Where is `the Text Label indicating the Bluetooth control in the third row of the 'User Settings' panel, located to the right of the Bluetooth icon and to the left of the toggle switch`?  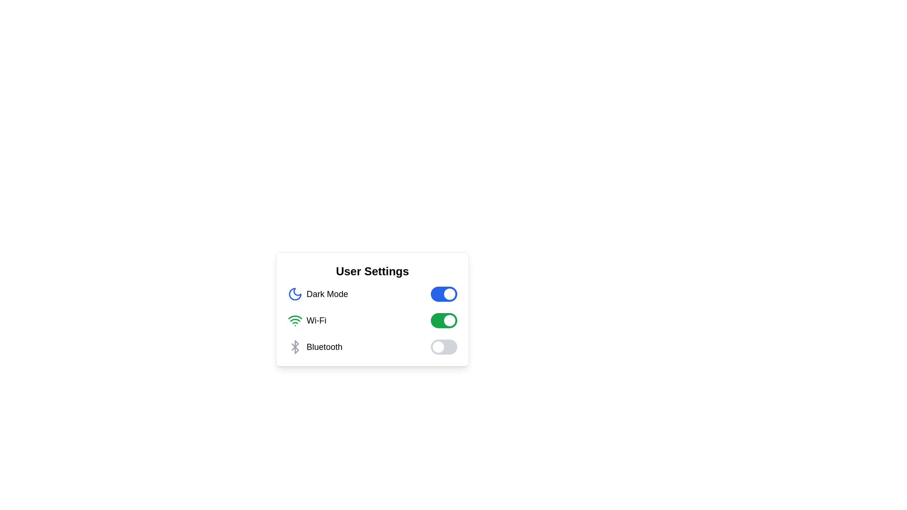
the Text Label indicating the Bluetooth control in the third row of the 'User Settings' panel, located to the right of the Bluetooth icon and to the left of the toggle switch is located at coordinates (324, 347).